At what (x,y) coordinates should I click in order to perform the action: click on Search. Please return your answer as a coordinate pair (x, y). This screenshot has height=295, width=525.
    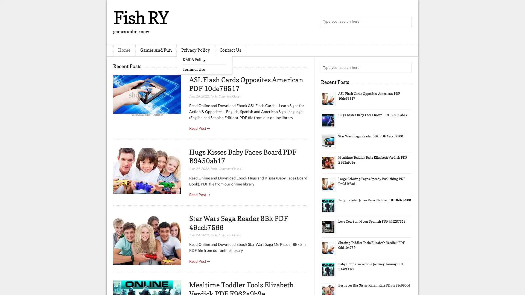
    Looking at the image, I should click on (406, 22).